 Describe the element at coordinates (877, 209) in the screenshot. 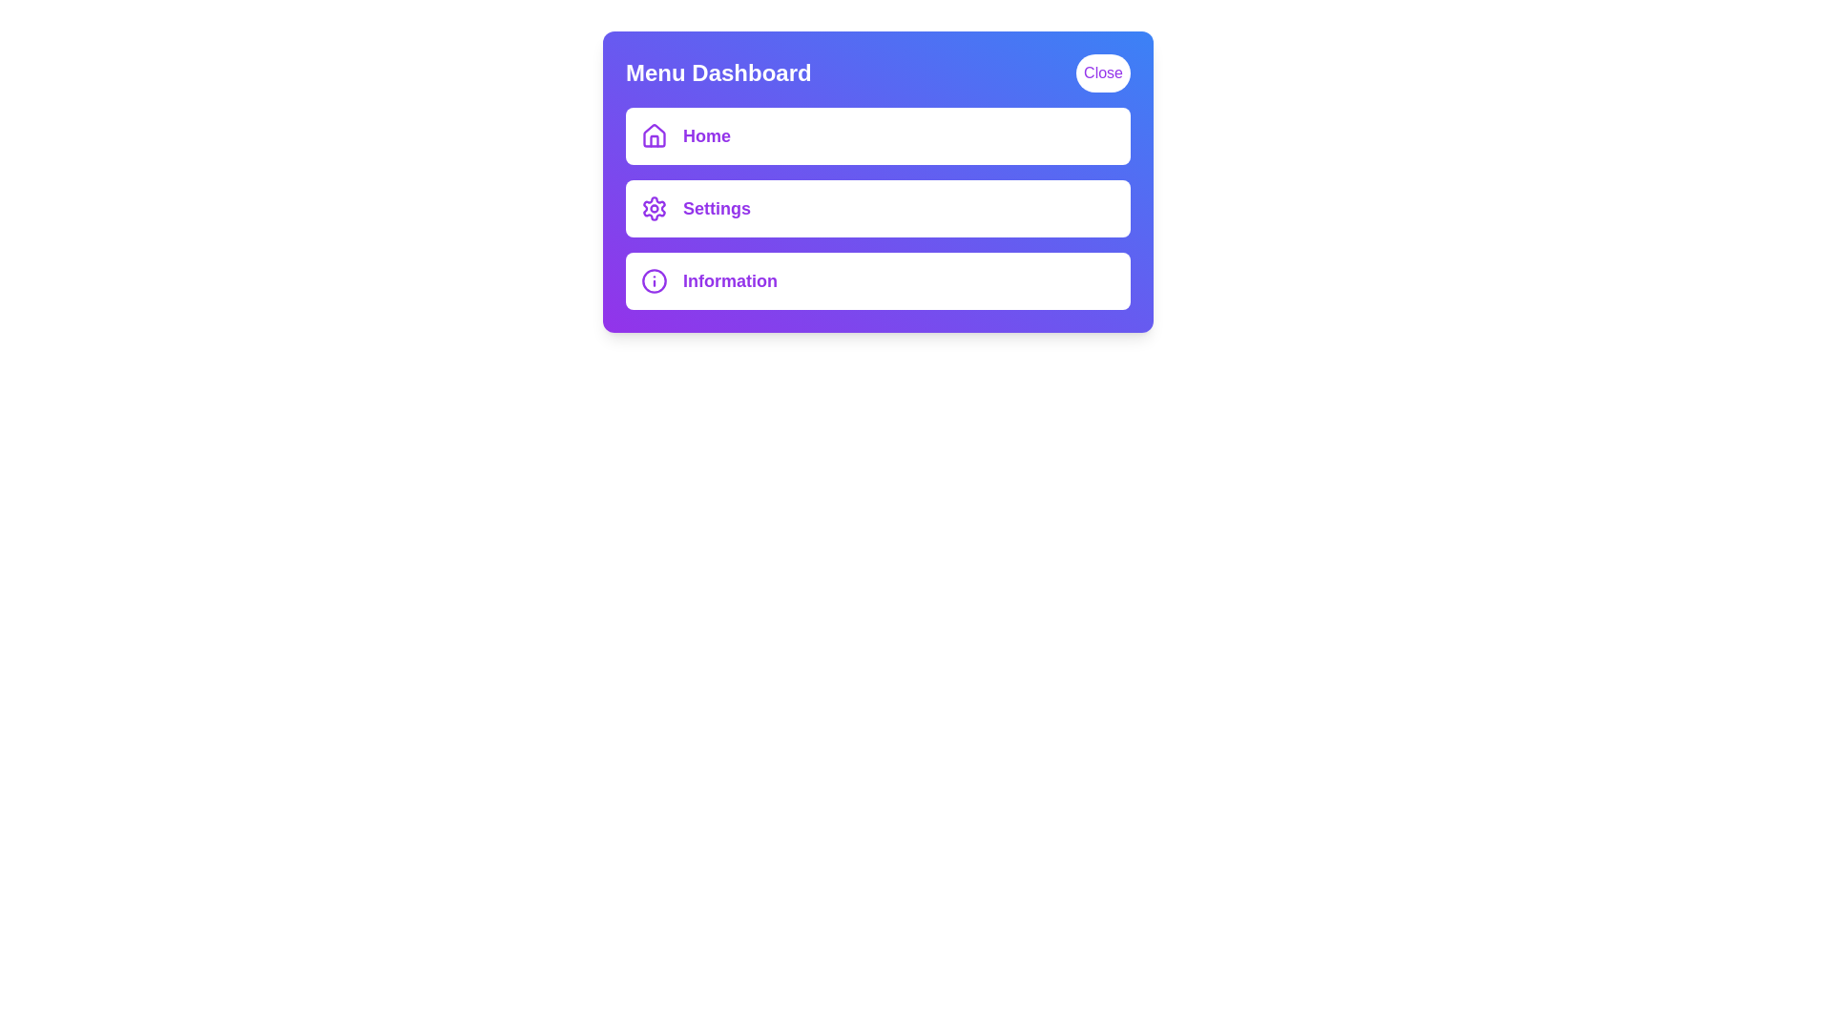

I see `the menu item Settings by clicking on it` at that location.